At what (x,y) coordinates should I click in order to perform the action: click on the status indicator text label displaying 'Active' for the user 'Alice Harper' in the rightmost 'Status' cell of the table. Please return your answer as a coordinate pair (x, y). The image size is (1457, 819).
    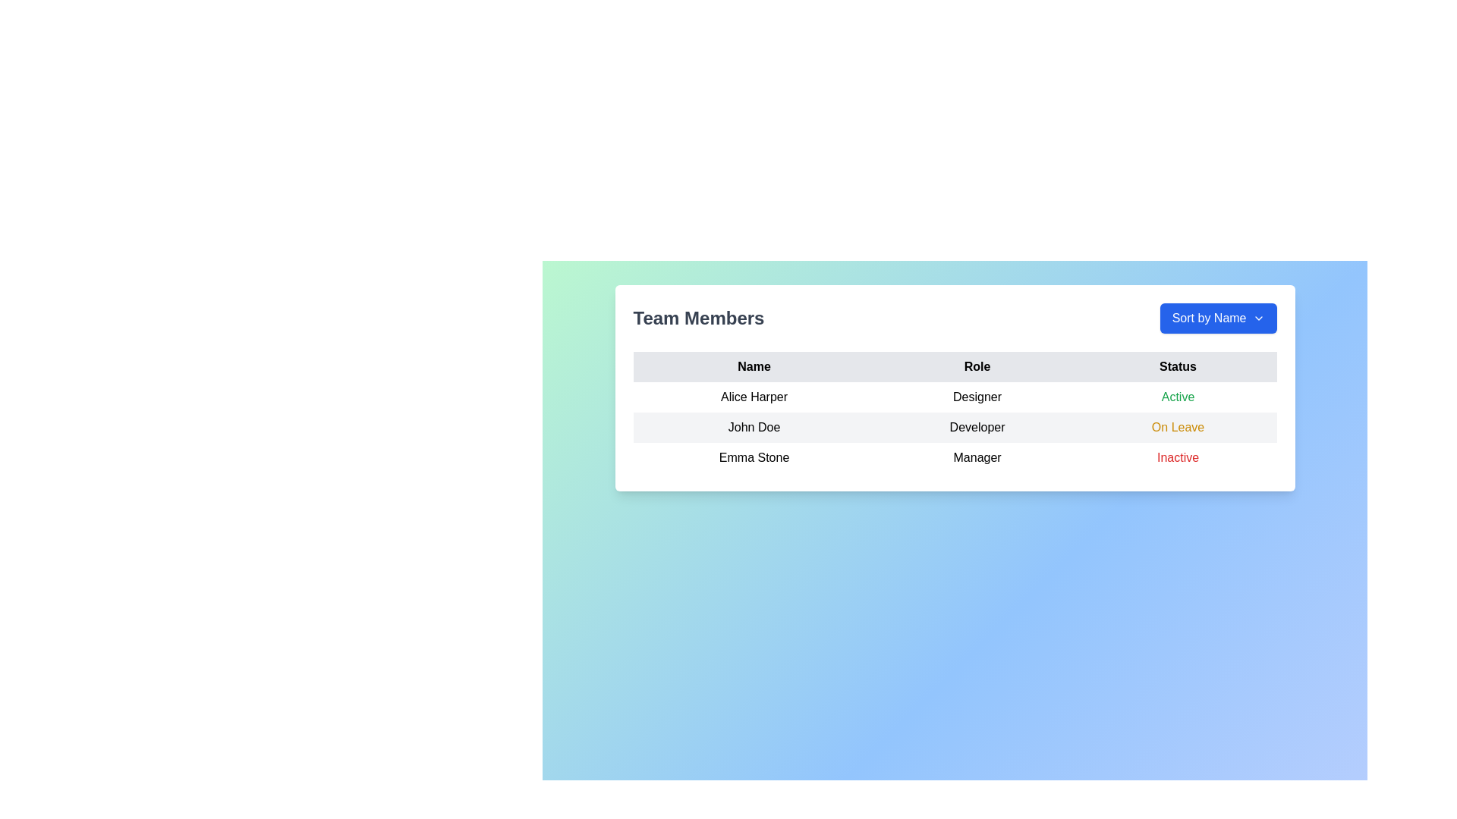
    Looking at the image, I should click on (1177, 397).